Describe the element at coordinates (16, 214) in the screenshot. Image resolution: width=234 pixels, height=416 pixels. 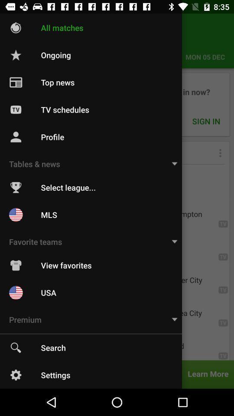
I see `the flag beside mls` at that location.